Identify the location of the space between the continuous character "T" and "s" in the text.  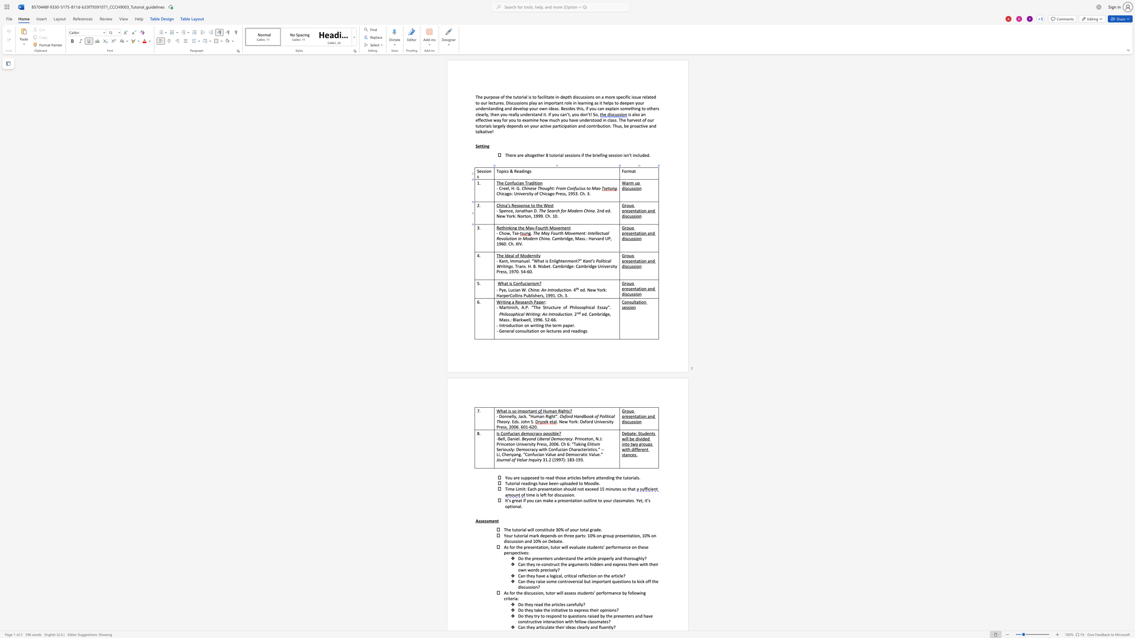
(514, 233).